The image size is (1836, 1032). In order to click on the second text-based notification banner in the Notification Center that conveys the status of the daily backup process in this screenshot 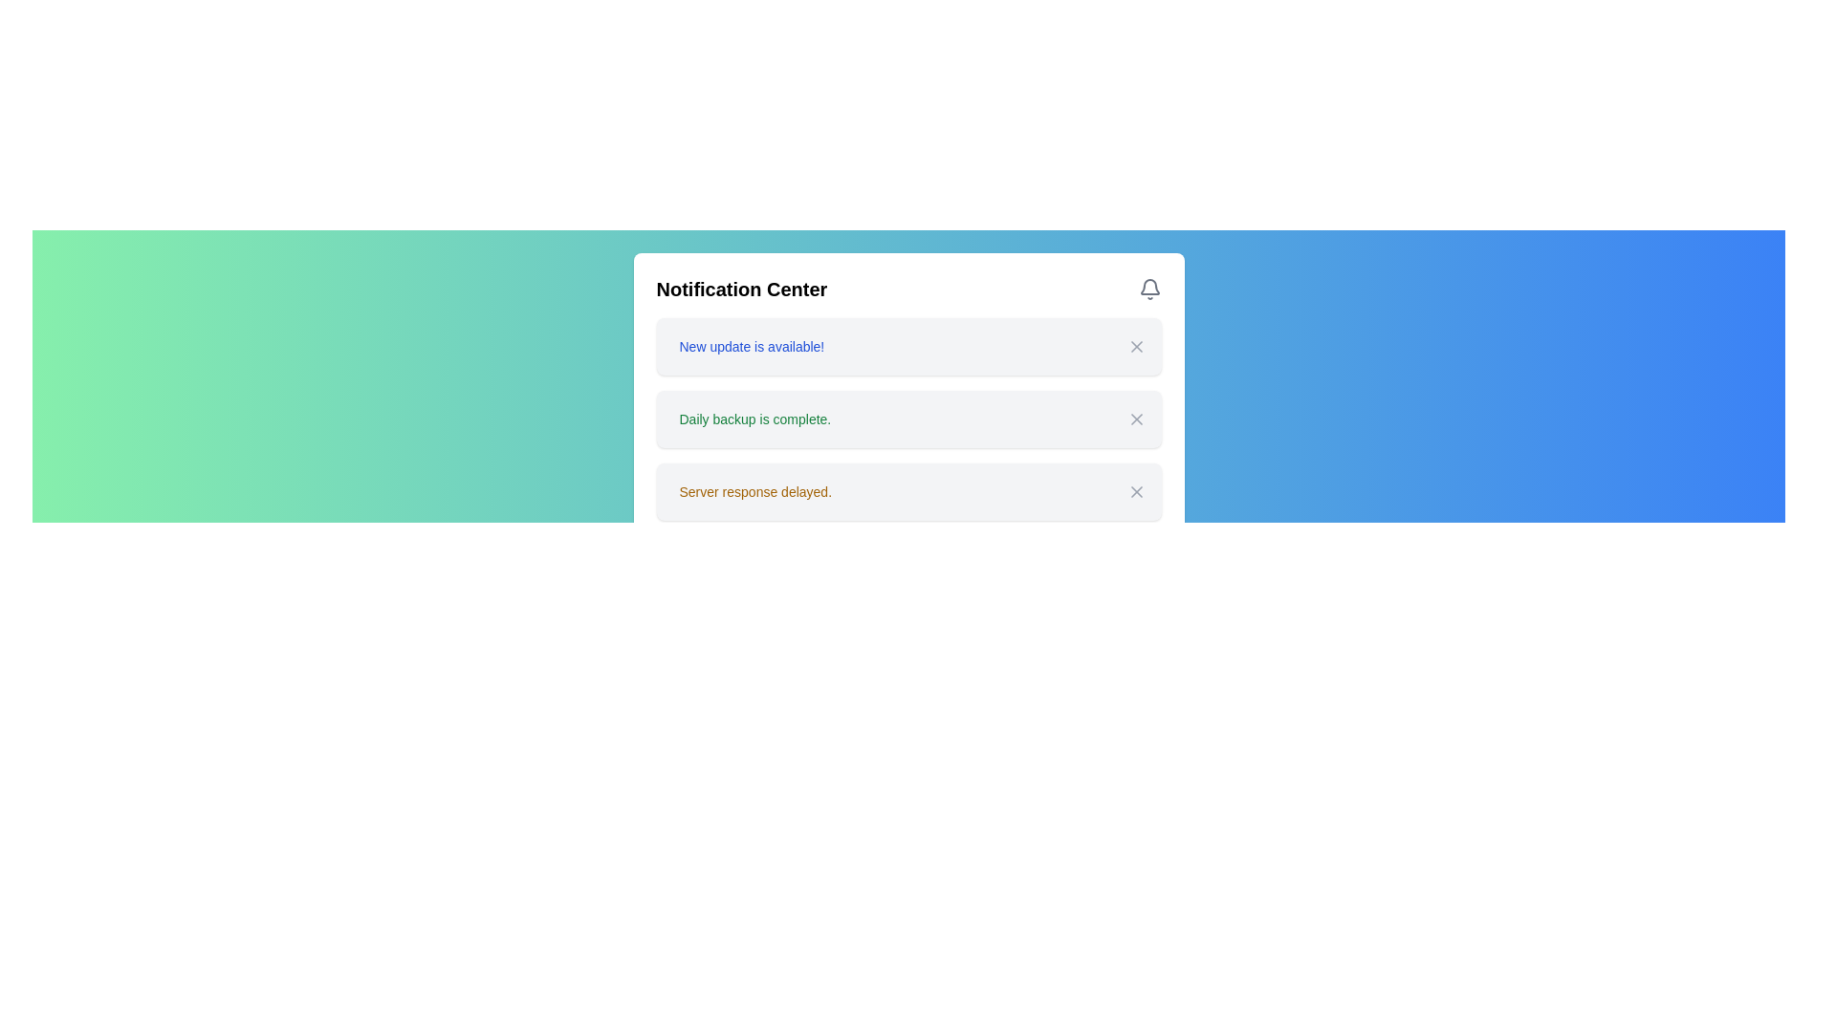, I will do `click(754, 419)`.